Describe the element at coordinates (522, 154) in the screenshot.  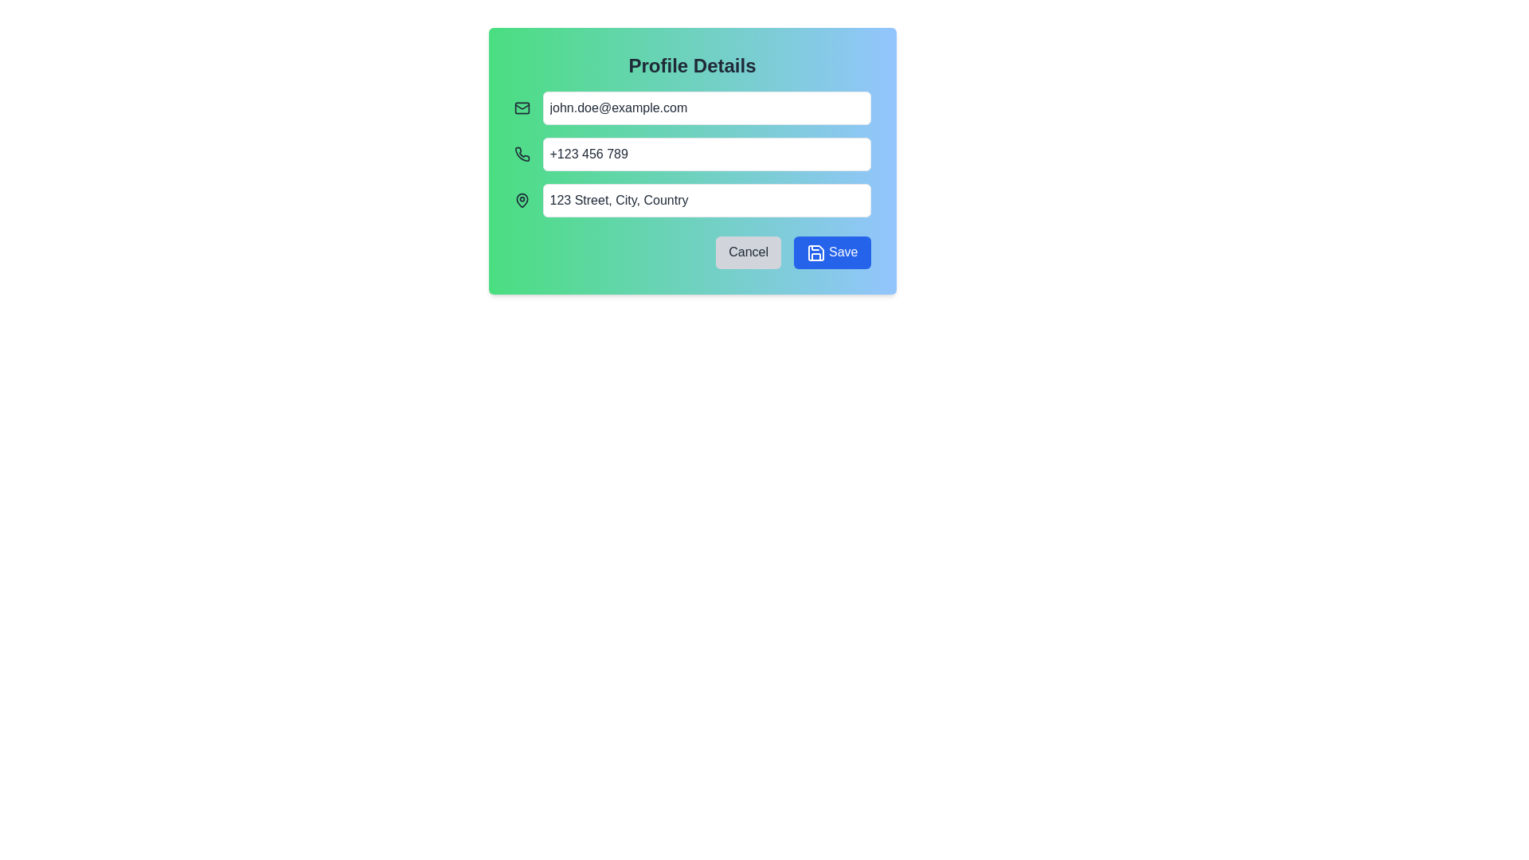
I see `the Telephone Handset icon, which is positioned to the left of the phone number input field in the second row of the form interface` at that location.